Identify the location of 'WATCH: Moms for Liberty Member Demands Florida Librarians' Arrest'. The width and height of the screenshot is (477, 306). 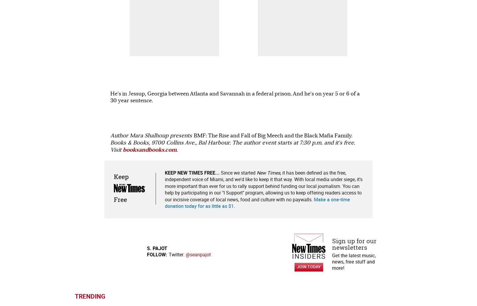
(106, 166).